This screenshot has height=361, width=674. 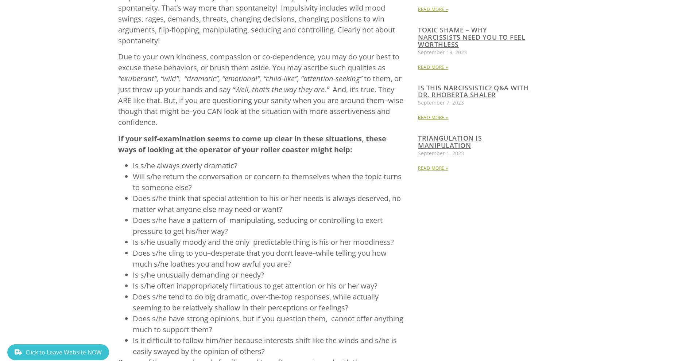 What do you see at coordinates (450, 141) in the screenshot?
I see `'Triangulation is Manipulation'` at bounding box center [450, 141].